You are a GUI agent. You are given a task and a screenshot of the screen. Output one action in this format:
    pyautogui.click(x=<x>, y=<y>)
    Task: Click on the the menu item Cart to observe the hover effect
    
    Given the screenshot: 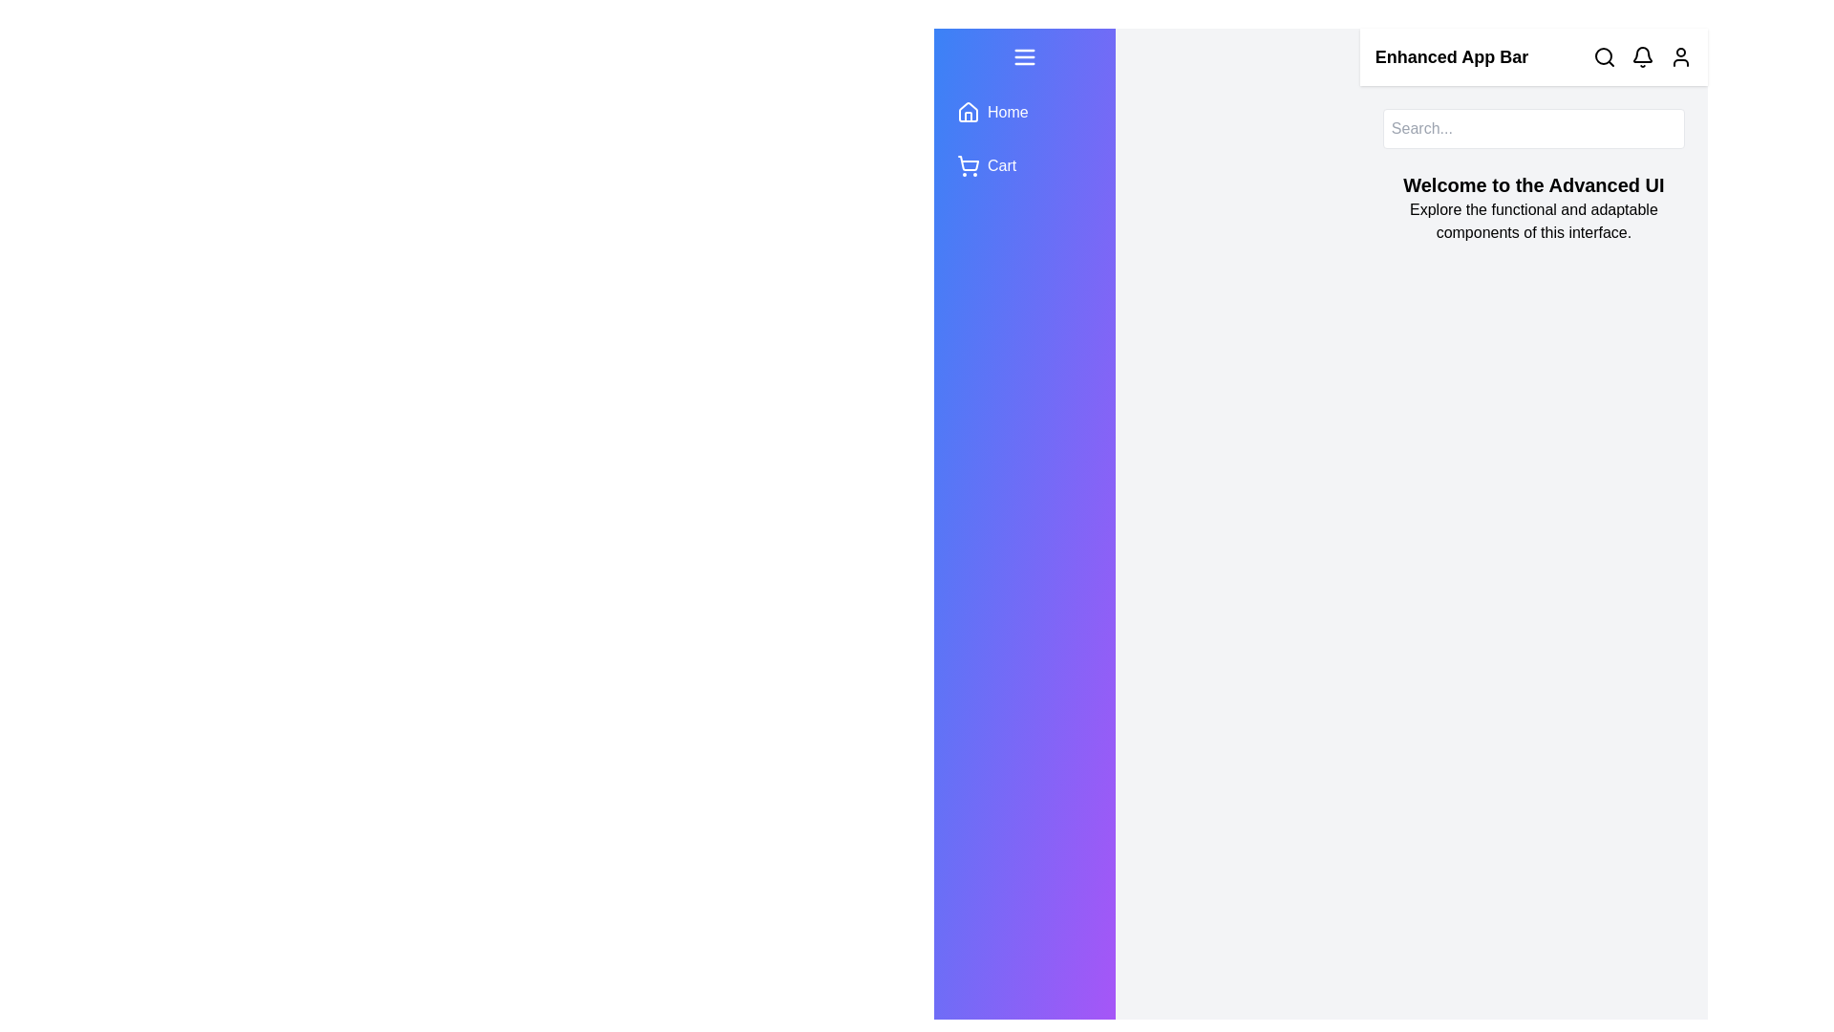 What is the action you would take?
    pyautogui.click(x=1022, y=164)
    